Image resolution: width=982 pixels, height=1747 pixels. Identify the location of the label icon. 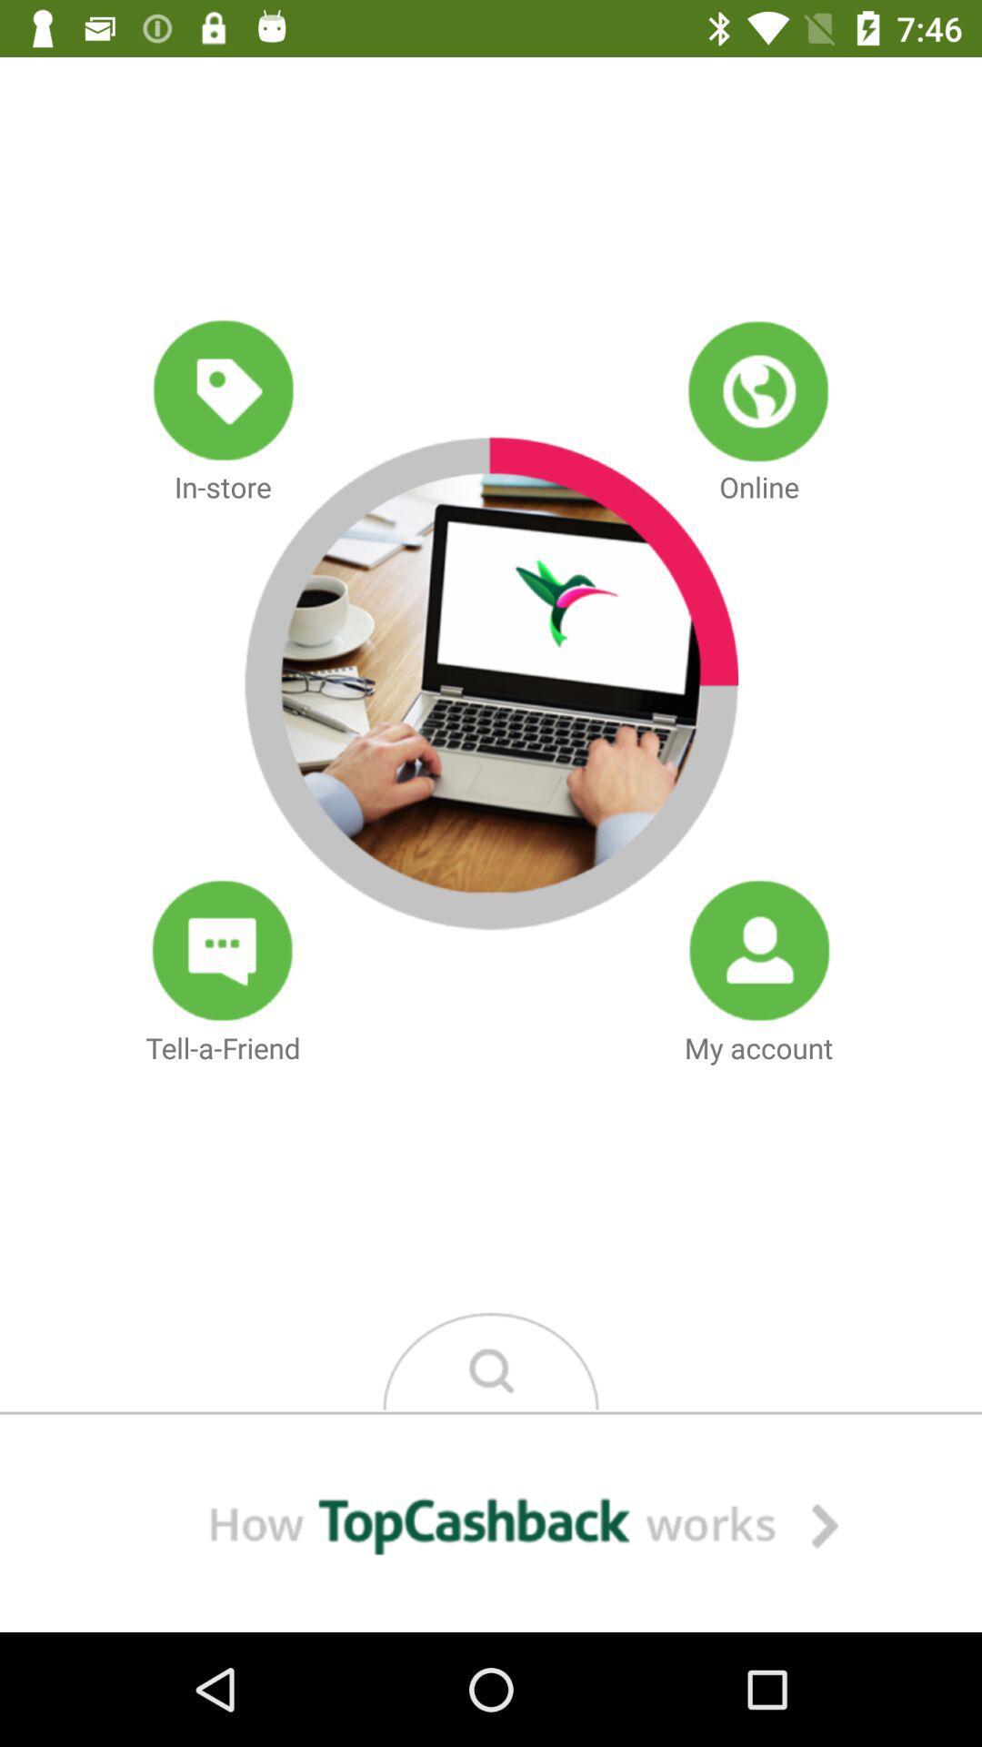
(222, 389).